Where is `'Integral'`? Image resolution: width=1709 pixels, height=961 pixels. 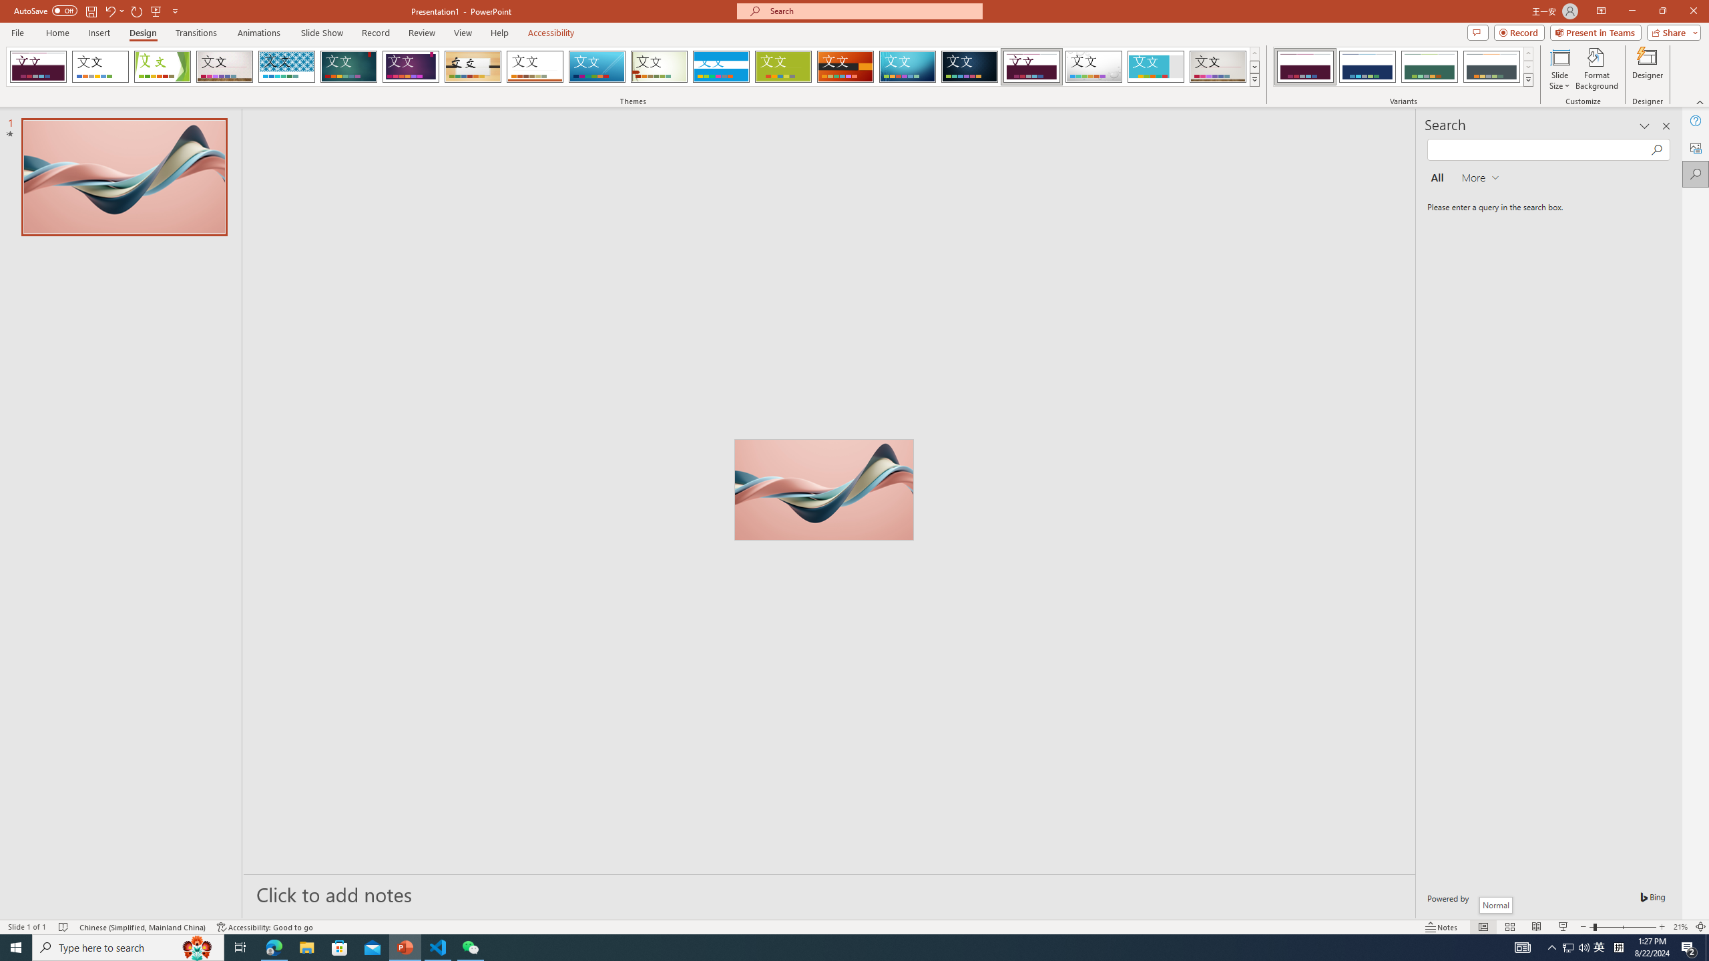
'Integral' is located at coordinates (286, 66).